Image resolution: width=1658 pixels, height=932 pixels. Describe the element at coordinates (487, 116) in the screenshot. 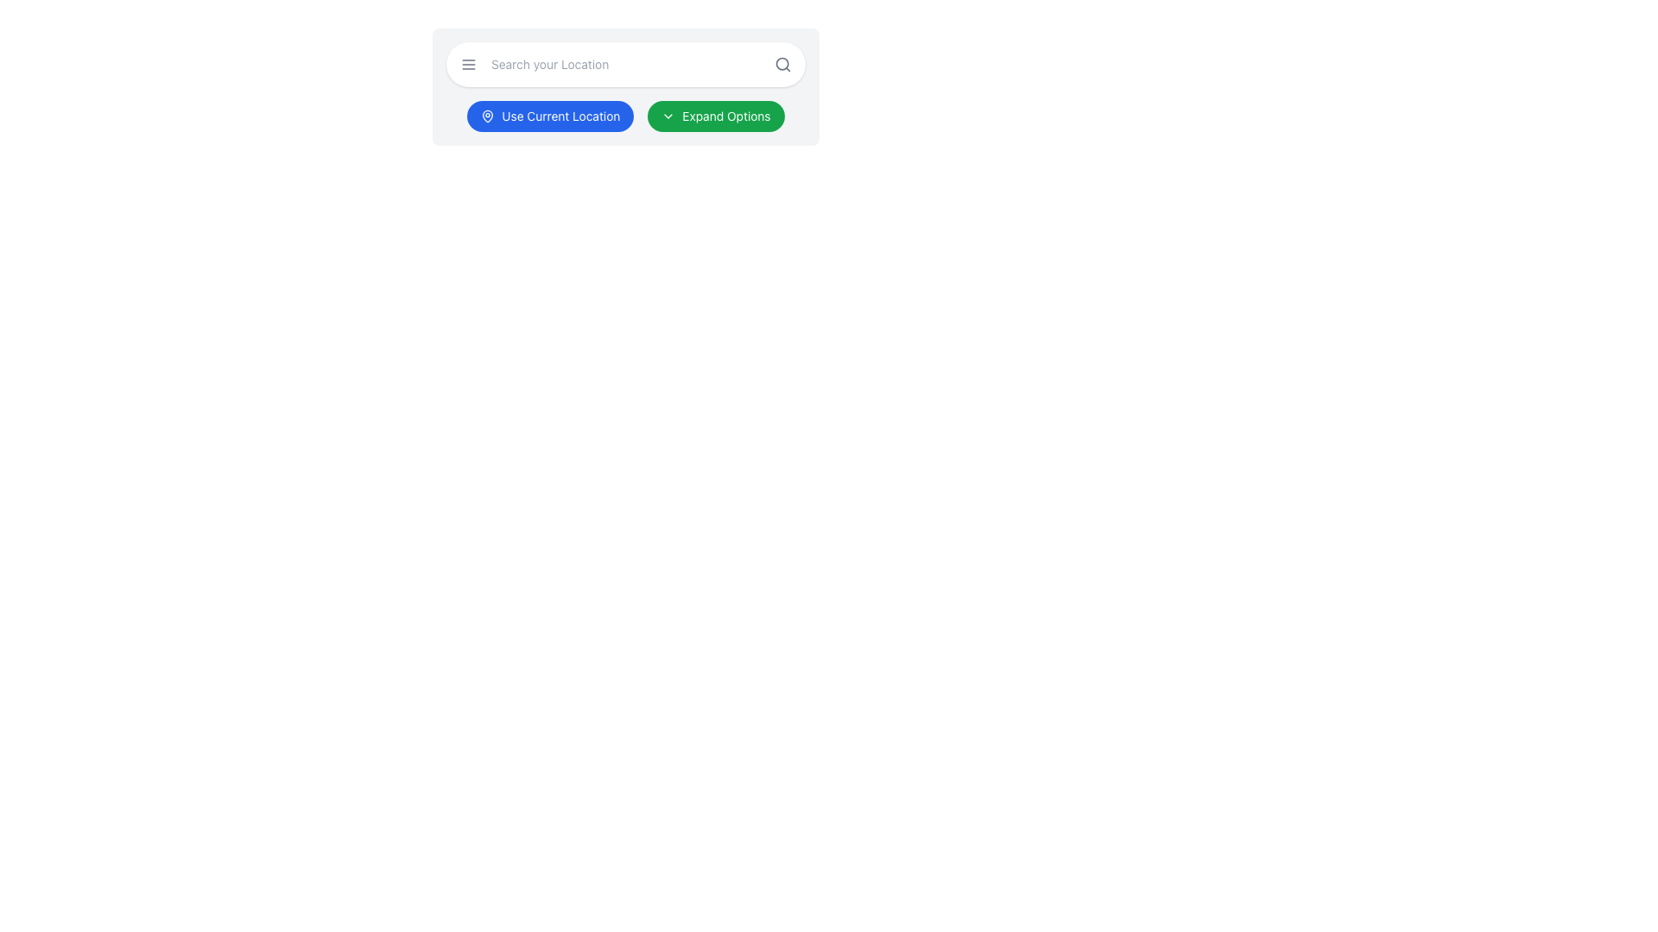

I see `the pin icon located on the leftmost part of the 'Use Current Location' button to retrieve the user's current location` at that location.